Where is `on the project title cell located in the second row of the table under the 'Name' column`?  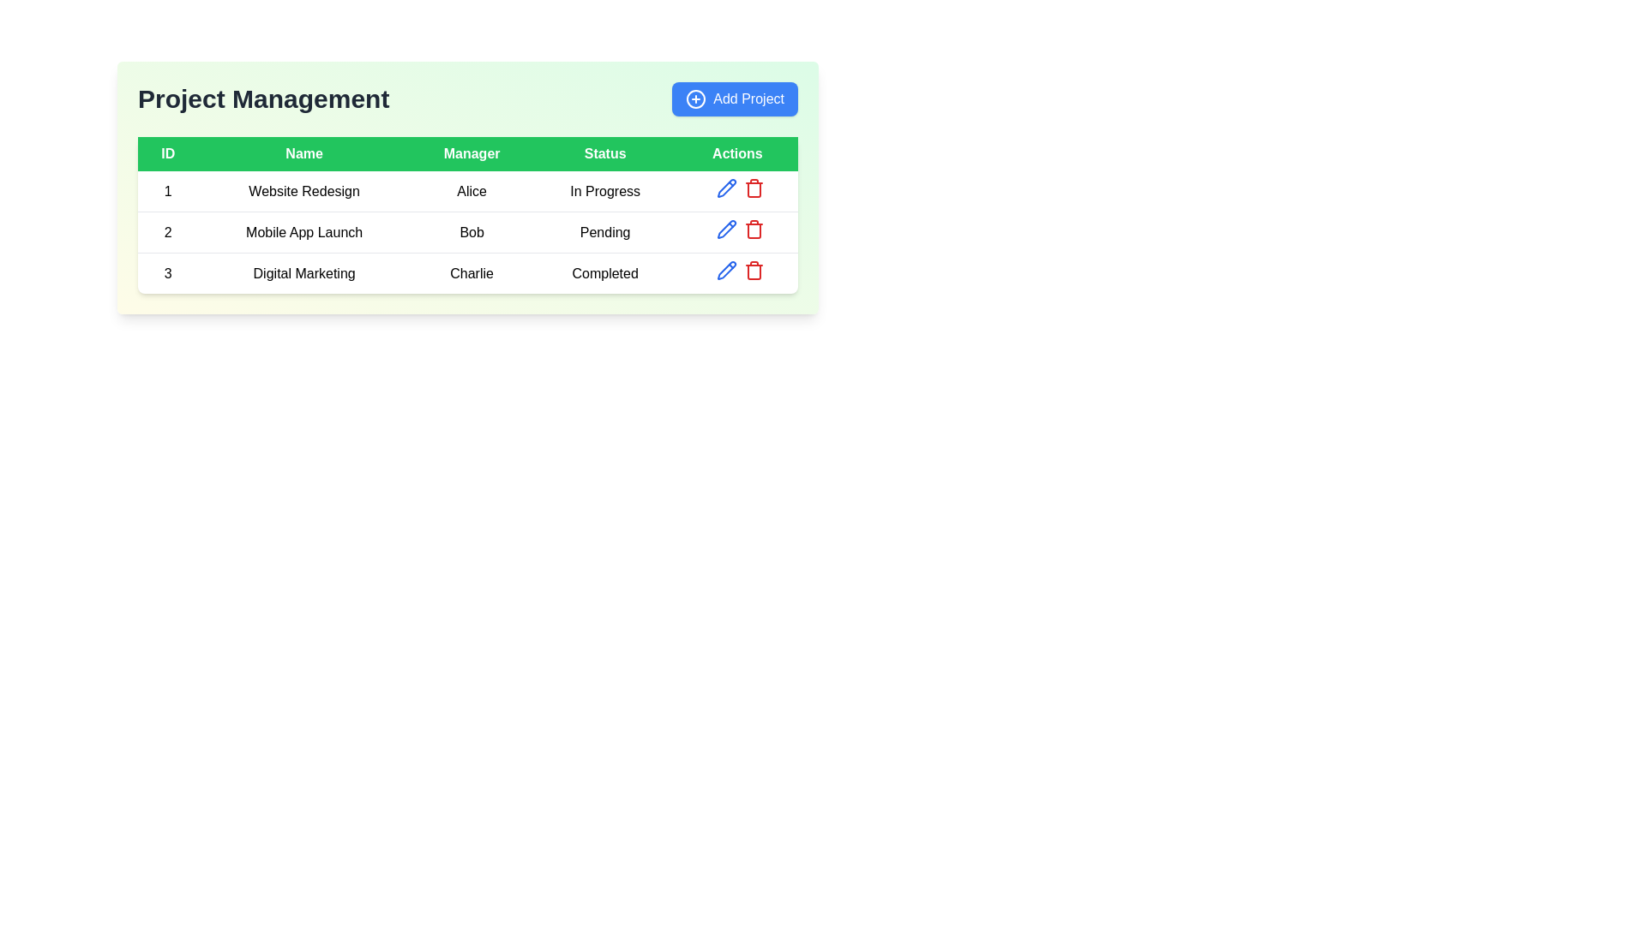
on the project title cell located in the second row of the table under the 'Name' column is located at coordinates (304, 232).